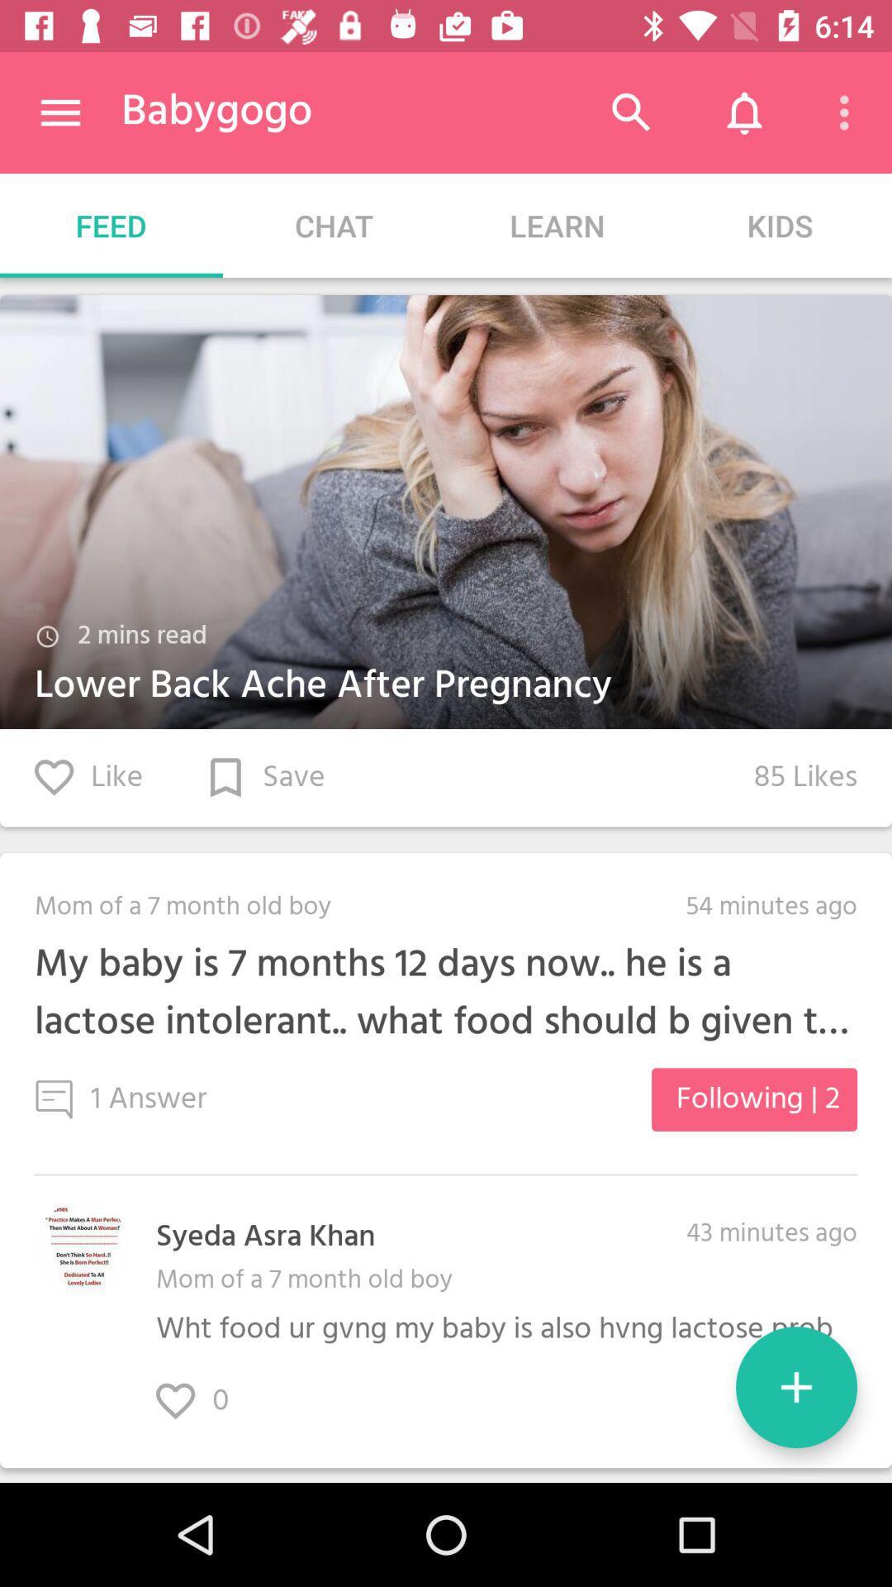 This screenshot has height=1587, width=892. What do you see at coordinates (209, 1400) in the screenshot?
I see `the 0 icon` at bounding box center [209, 1400].